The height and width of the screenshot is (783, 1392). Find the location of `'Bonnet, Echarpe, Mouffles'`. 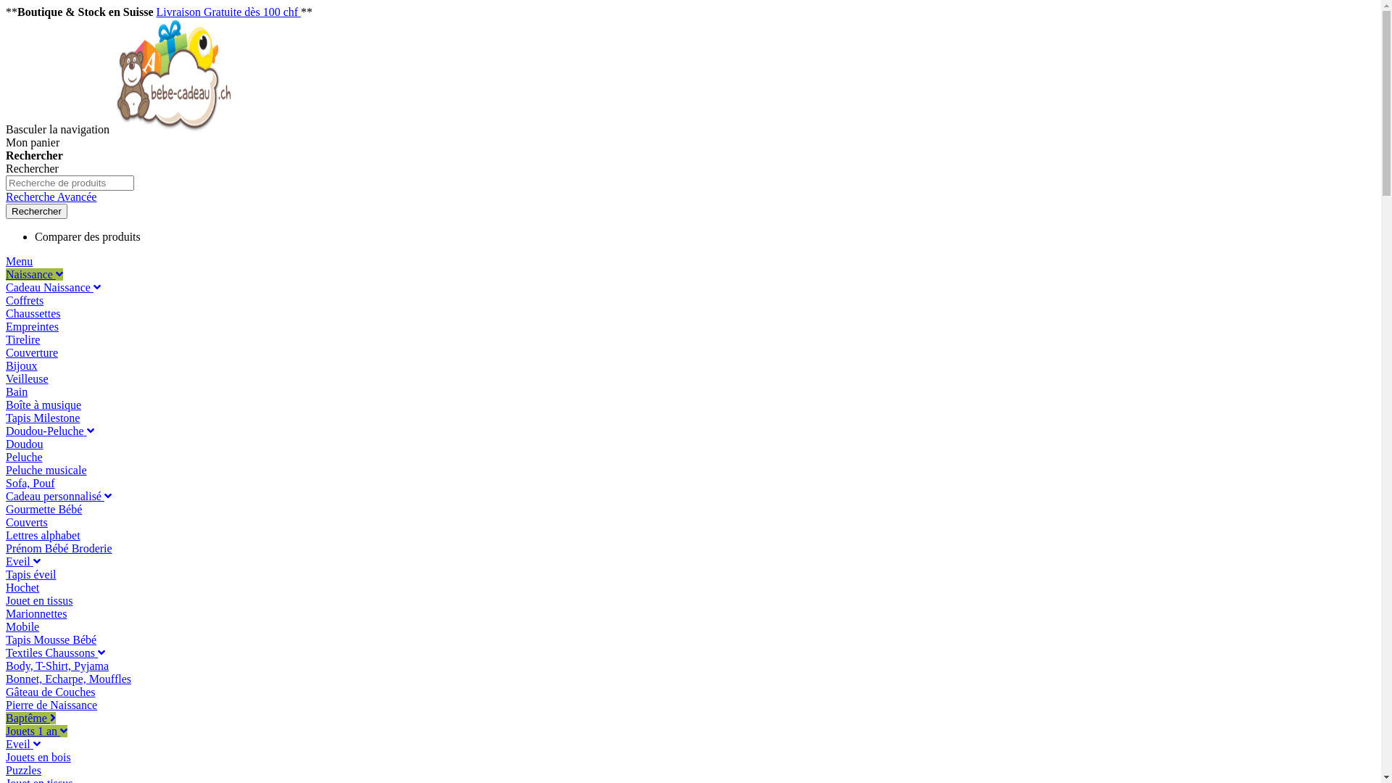

'Bonnet, Echarpe, Mouffles' is located at coordinates (67, 679).